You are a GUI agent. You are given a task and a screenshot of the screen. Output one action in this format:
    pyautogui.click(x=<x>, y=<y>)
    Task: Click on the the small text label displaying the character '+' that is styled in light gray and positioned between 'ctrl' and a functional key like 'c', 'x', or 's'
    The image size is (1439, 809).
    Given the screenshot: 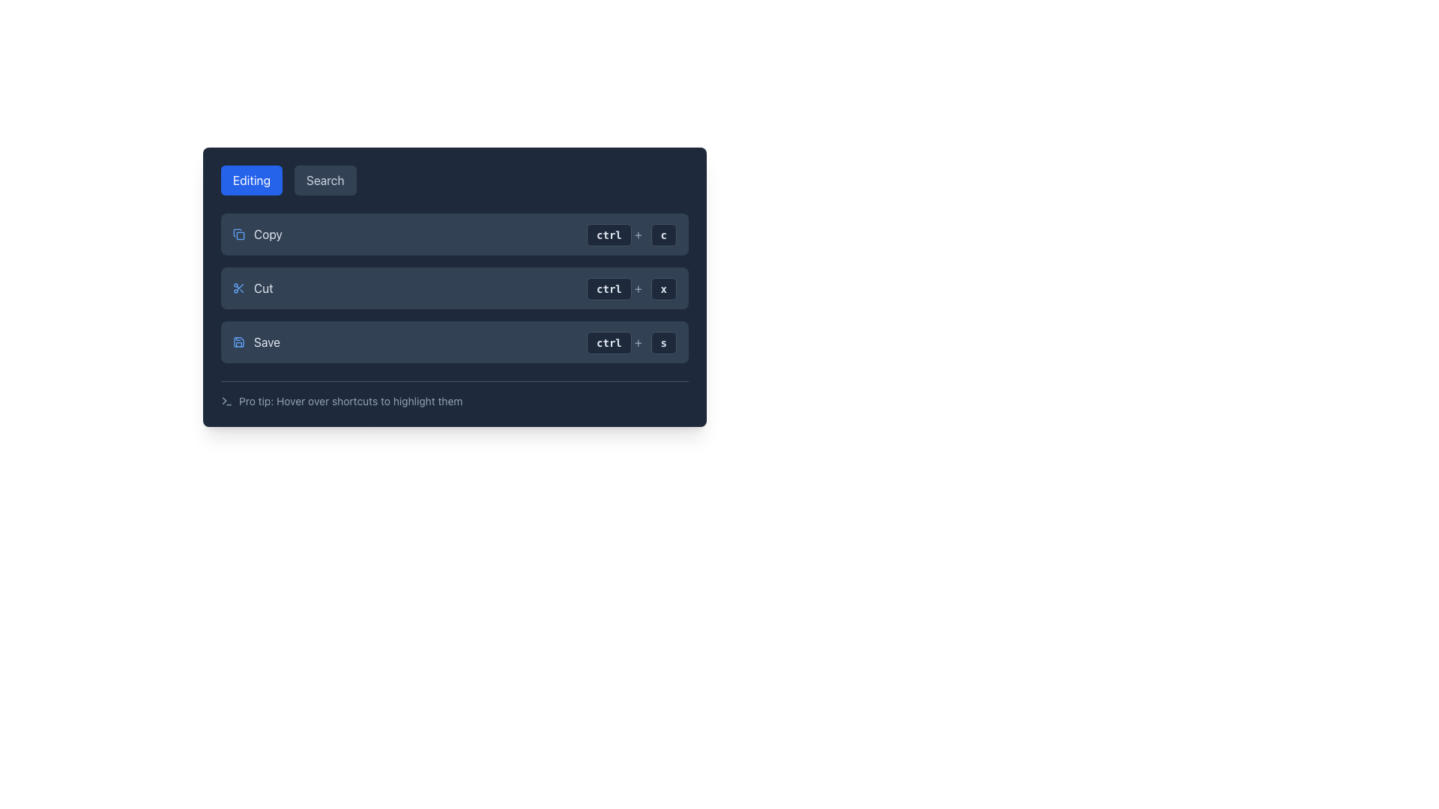 What is the action you would take?
    pyautogui.click(x=638, y=288)
    